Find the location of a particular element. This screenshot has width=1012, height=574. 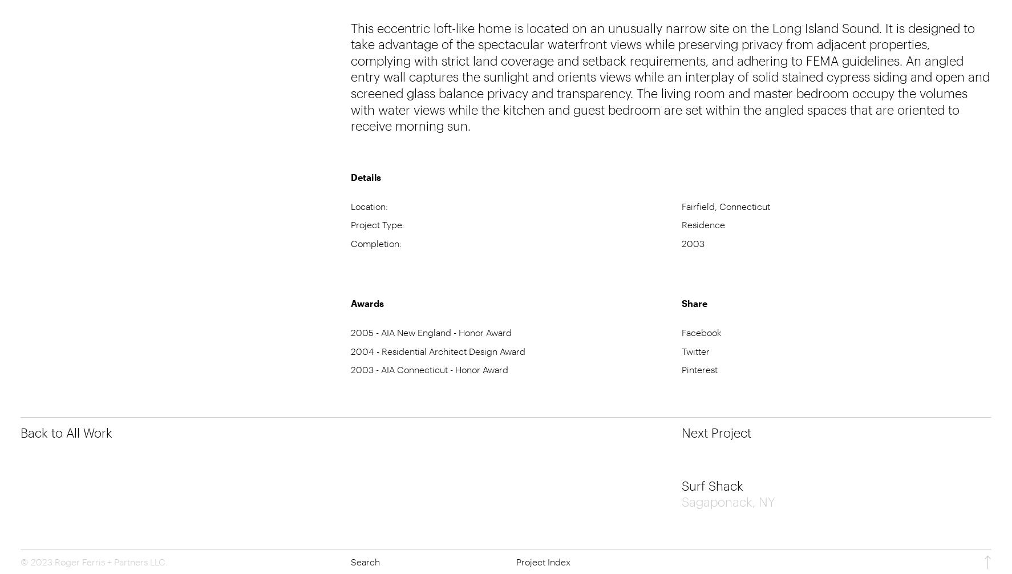

'2003 - AIA Connecticut - Honor Award' is located at coordinates (350, 369).